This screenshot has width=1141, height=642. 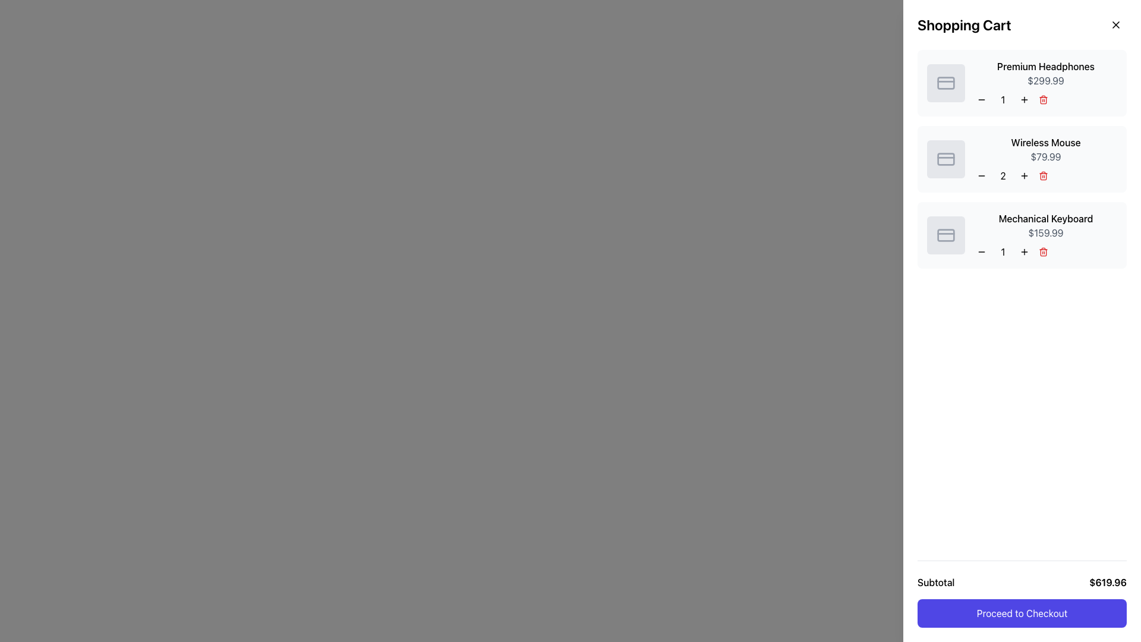 I want to click on the text element displaying 'Wireless Mouse' in bold, which is located in the second item card of the shopping cart, so click(x=1046, y=158).